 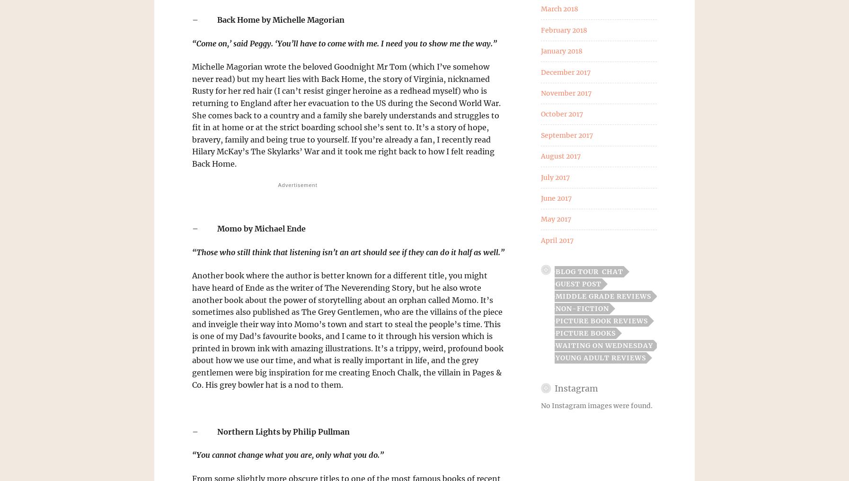 What do you see at coordinates (612, 272) in the screenshot?
I see `'Chat'` at bounding box center [612, 272].